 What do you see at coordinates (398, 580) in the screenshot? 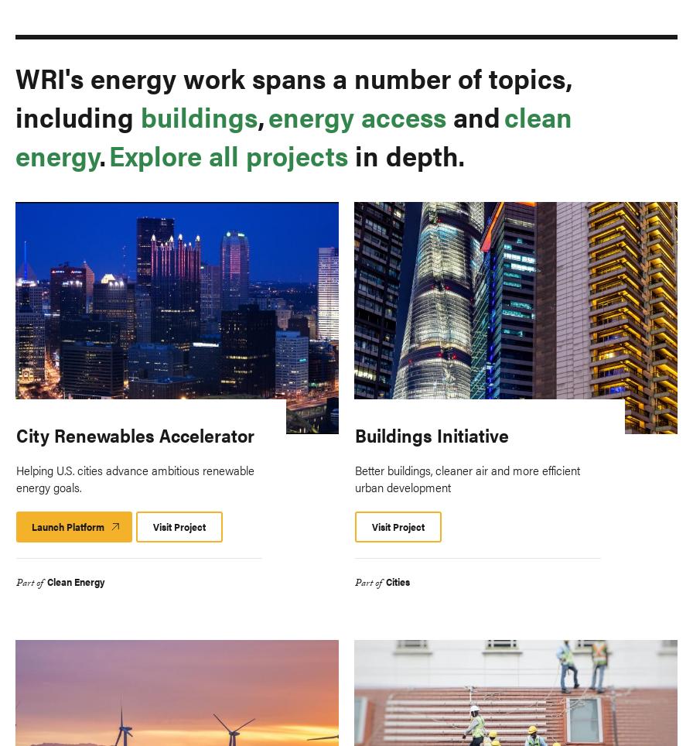
I see `'Cities'` at bounding box center [398, 580].